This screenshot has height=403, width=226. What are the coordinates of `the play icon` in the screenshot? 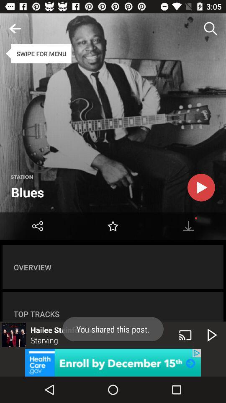 It's located at (212, 335).